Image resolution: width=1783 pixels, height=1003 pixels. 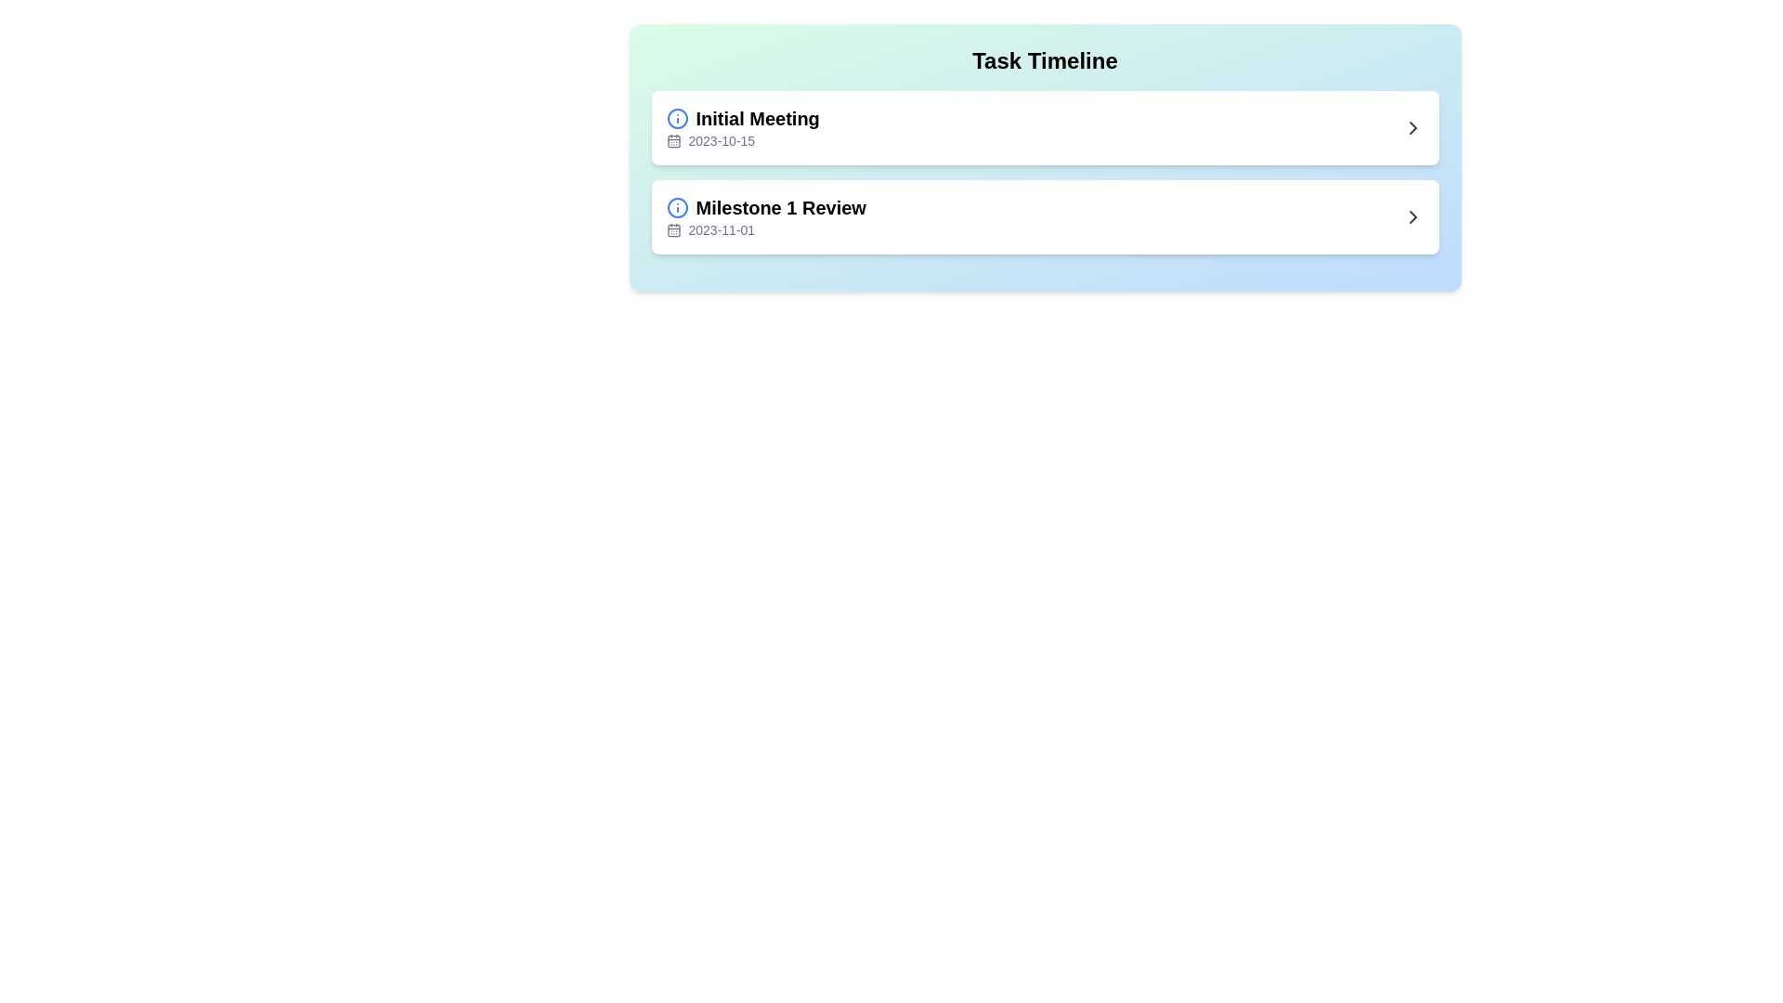 I want to click on the calendar icon located in the left section of the Initial Meeting entry within the Task Timeline list, so click(x=672, y=140).